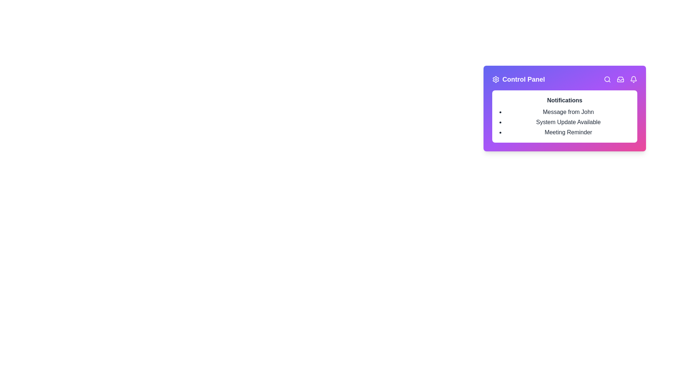  Describe the element at coordinates (633, 79) in the screenshot. I see `the bell icon to view notifications` at that location.